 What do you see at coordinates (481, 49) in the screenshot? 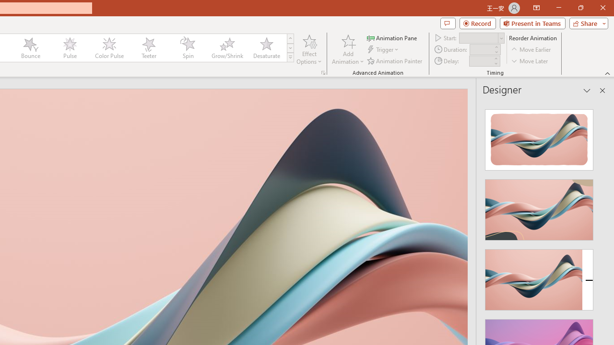
I see `'Animation Duration'` at bounding box center [481, 49].